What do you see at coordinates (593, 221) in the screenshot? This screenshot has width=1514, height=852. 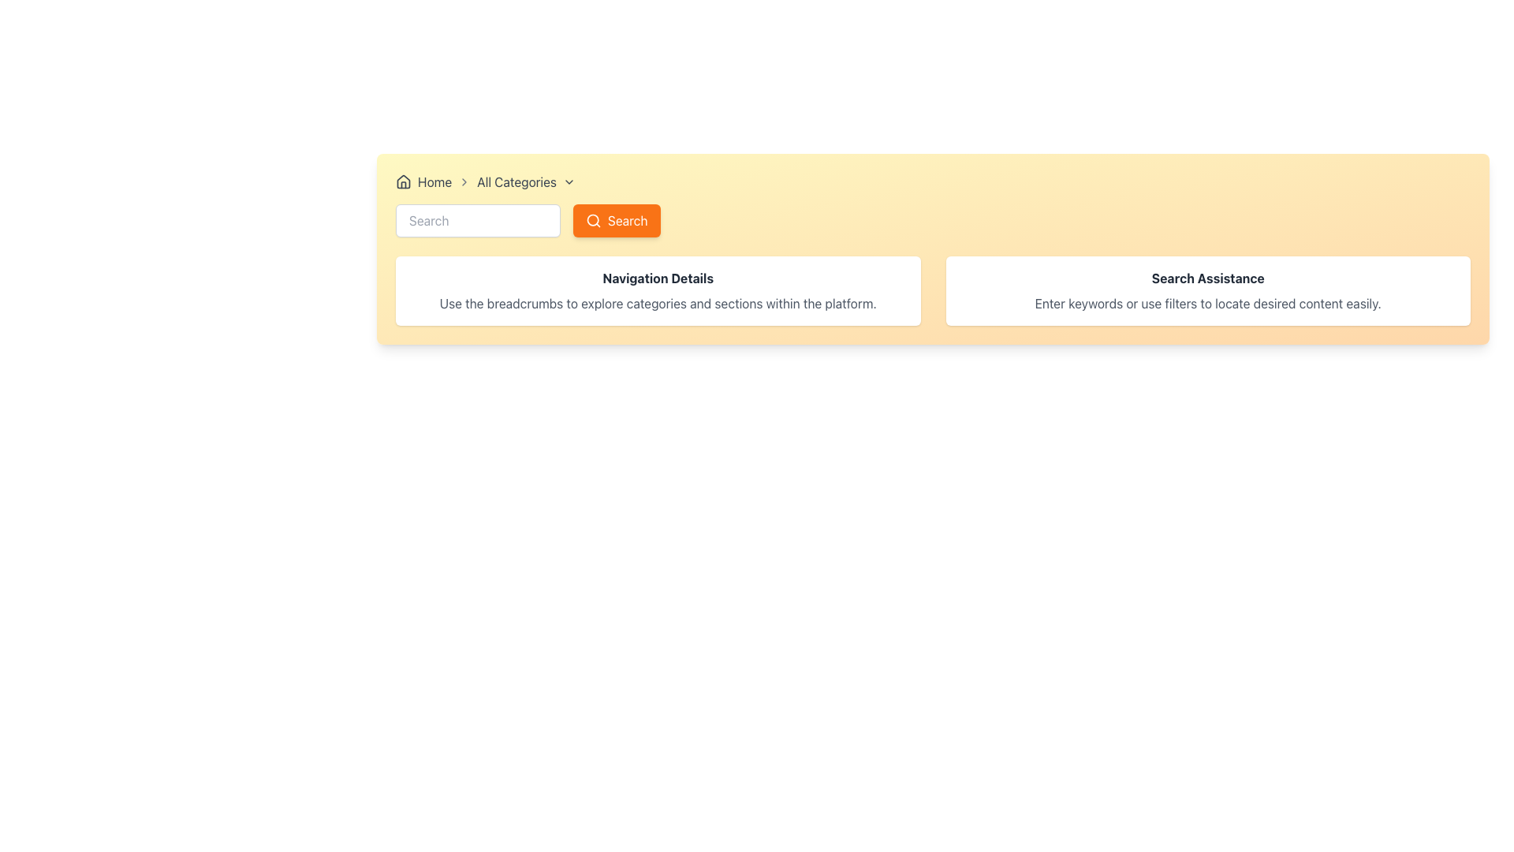 I see `the search icon located to the left of the 'Search' button, which has white text on an orange background, in the header section of the interface` at bounding box center [593, 221].